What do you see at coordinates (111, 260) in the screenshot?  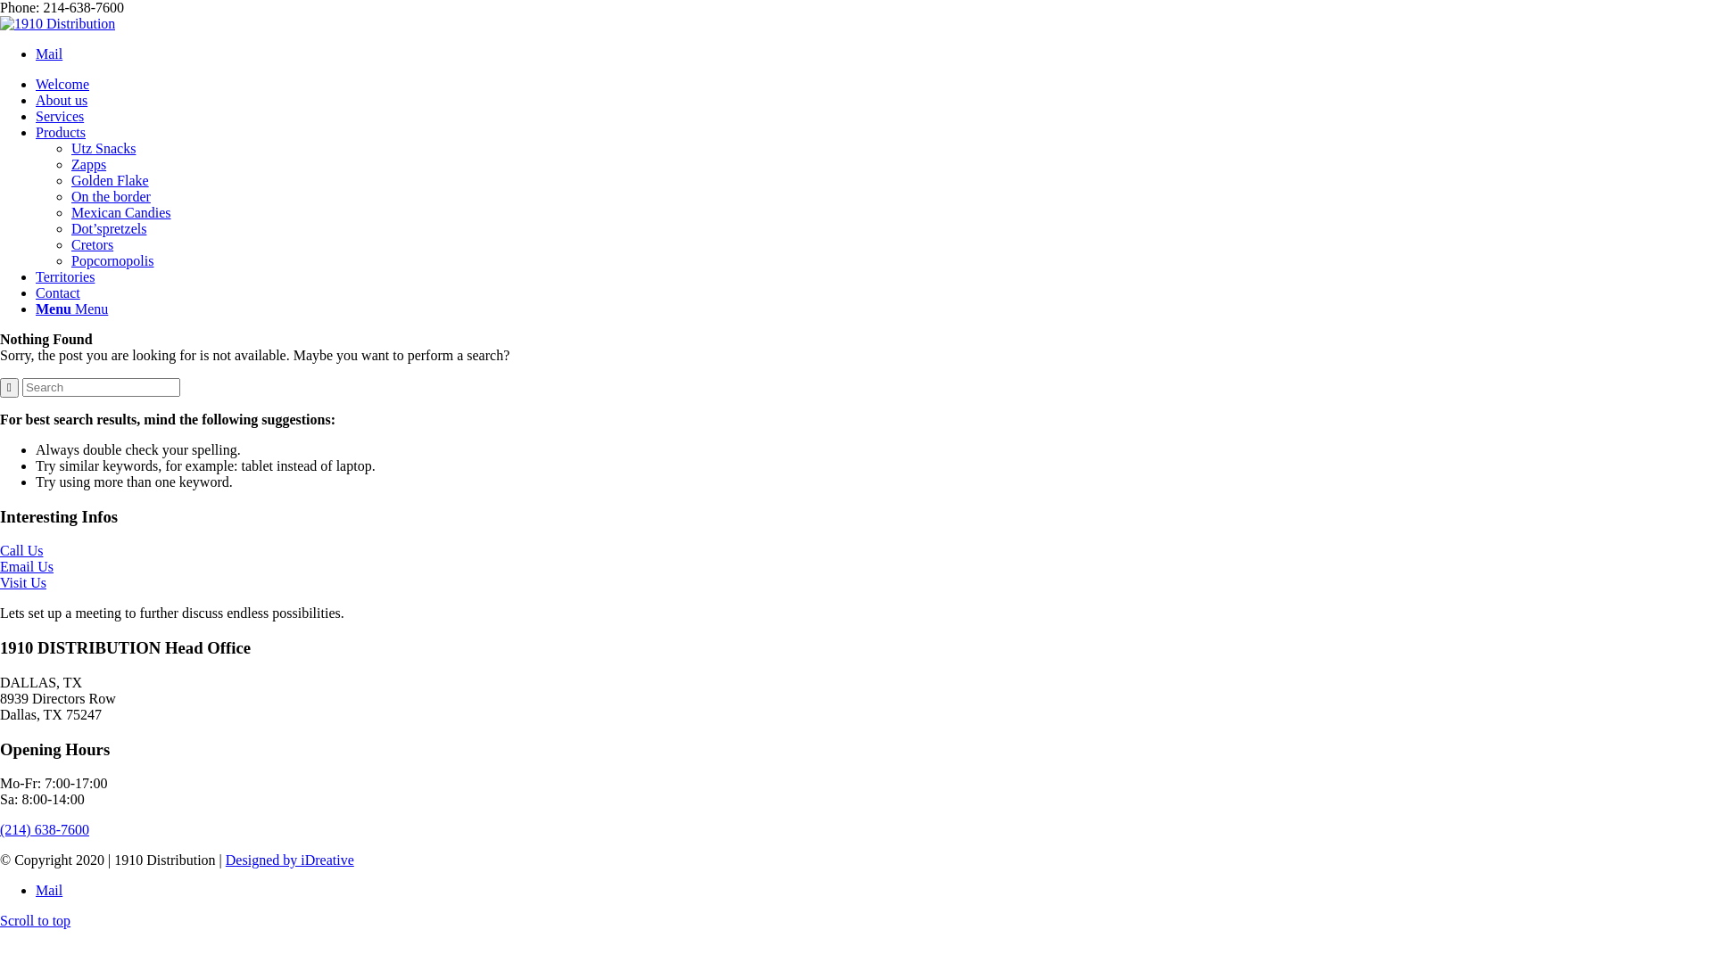 I see `'Popcornopolis'` at bounding box center [111, 260].